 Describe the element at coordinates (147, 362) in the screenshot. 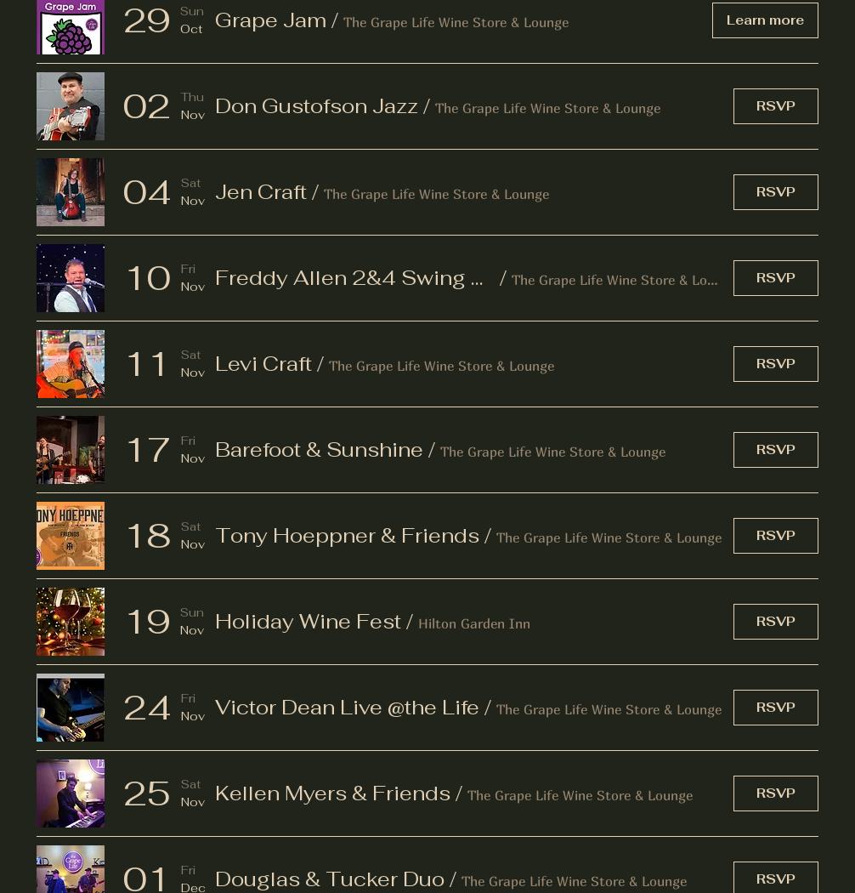

I see `'11'` at that location.